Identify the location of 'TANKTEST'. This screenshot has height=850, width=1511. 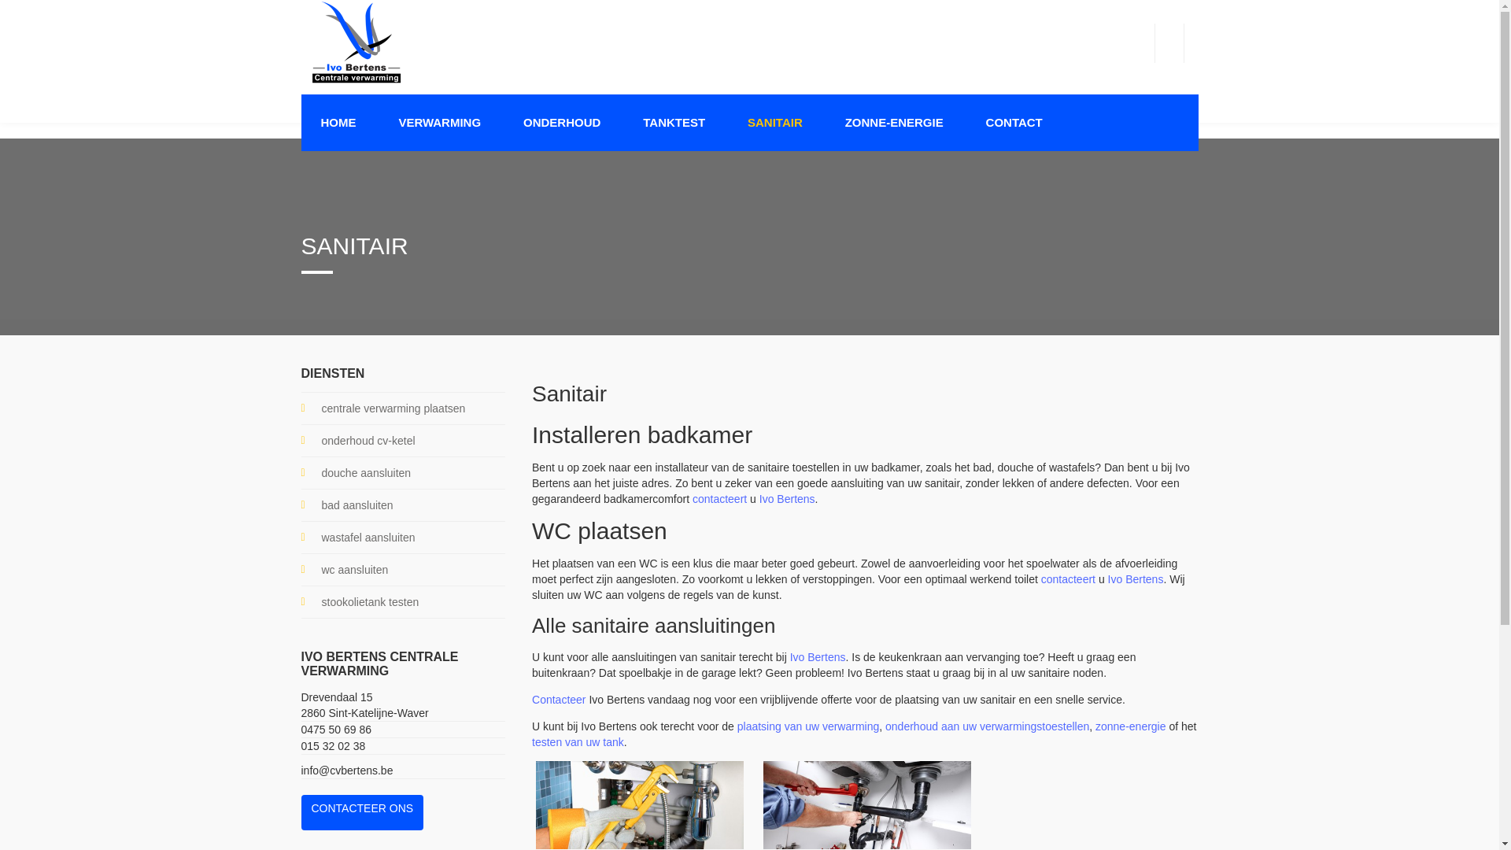
(674, 121).